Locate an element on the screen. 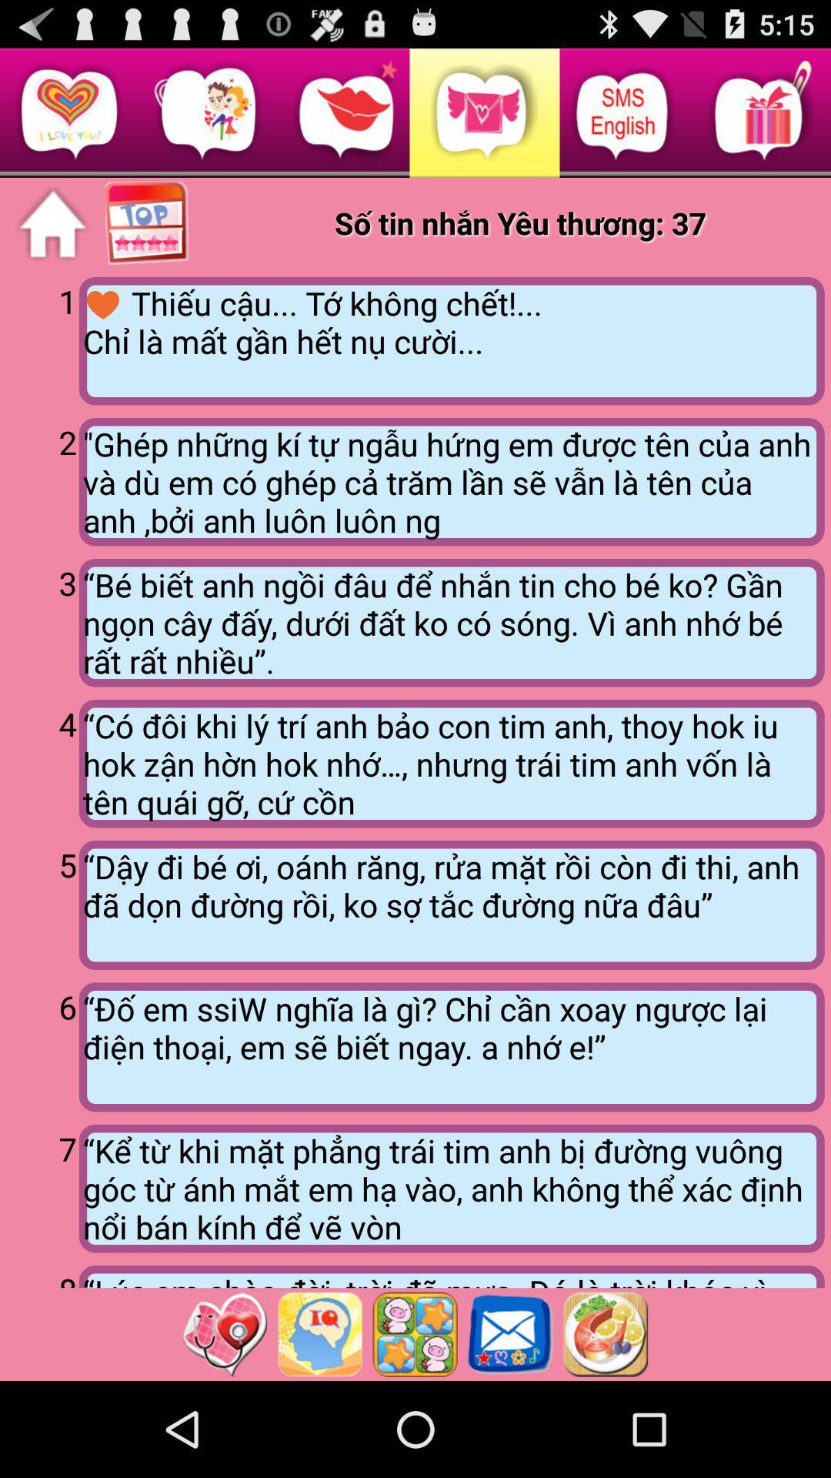 This screenshot has width=831, height=1478. homepage is located at coordinates (52, 223).